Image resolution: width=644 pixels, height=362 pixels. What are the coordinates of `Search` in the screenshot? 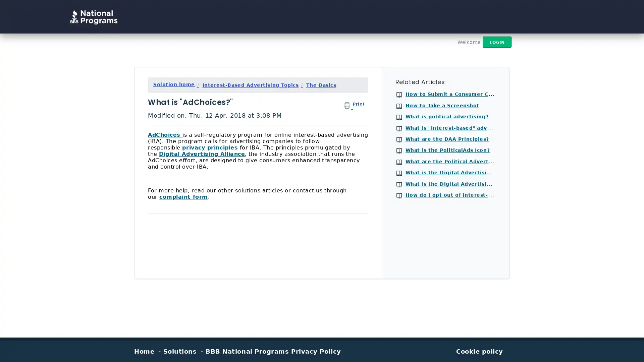 It's located at (148, 25).